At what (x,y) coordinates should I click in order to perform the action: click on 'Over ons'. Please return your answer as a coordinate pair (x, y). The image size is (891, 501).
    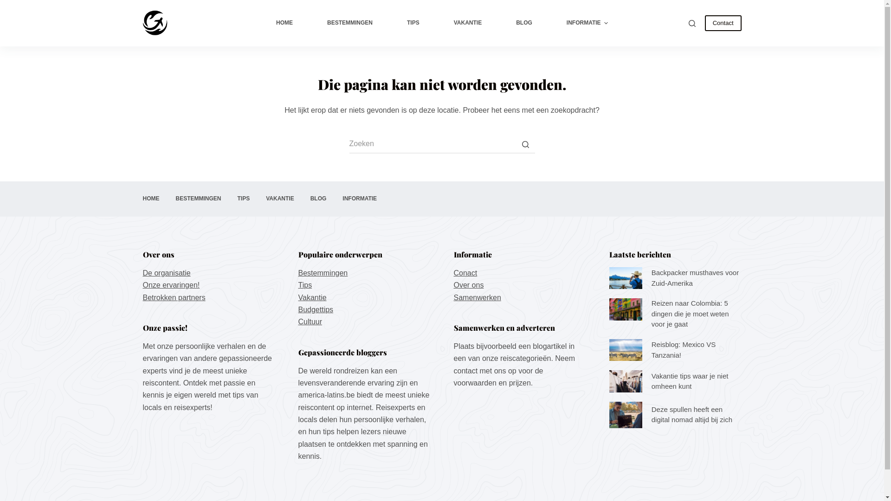
    Looking at the image, I should click on (469, 284).